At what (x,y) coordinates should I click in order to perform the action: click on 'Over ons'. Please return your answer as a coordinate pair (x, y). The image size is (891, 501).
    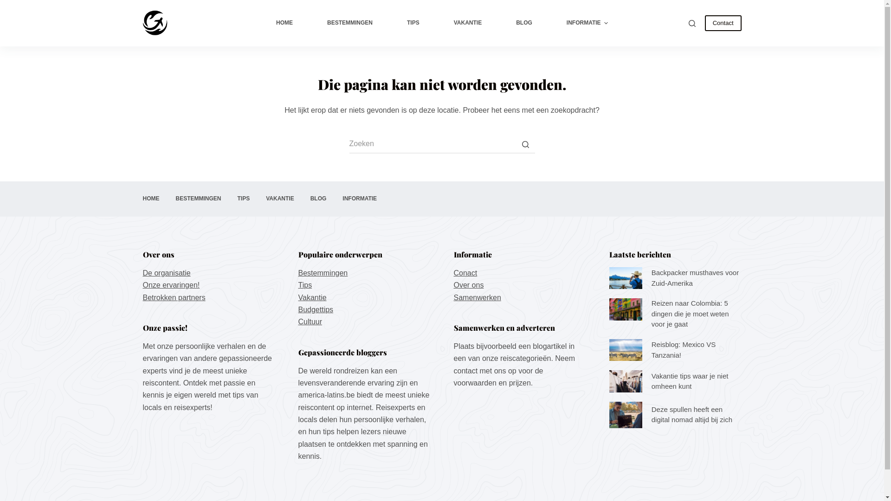
    Looking at the image, I should click on (469, 284).